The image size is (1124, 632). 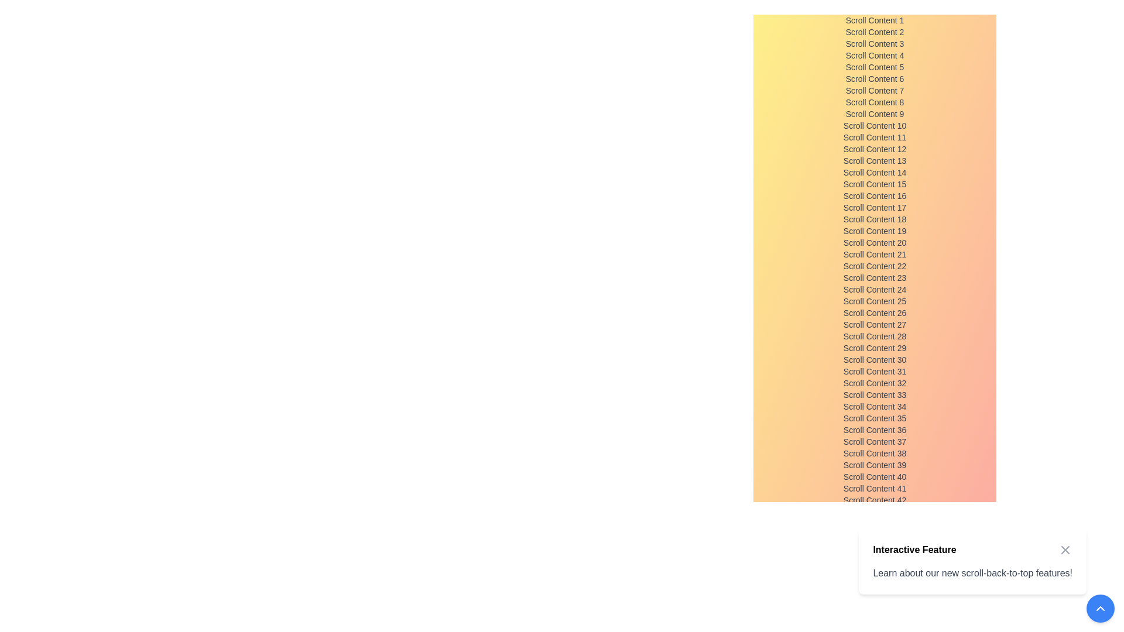 I want to click on the label or text display element that indicates a labeled entry at the 49th position in the vertically scrollable list, so click(x=875, y=582).